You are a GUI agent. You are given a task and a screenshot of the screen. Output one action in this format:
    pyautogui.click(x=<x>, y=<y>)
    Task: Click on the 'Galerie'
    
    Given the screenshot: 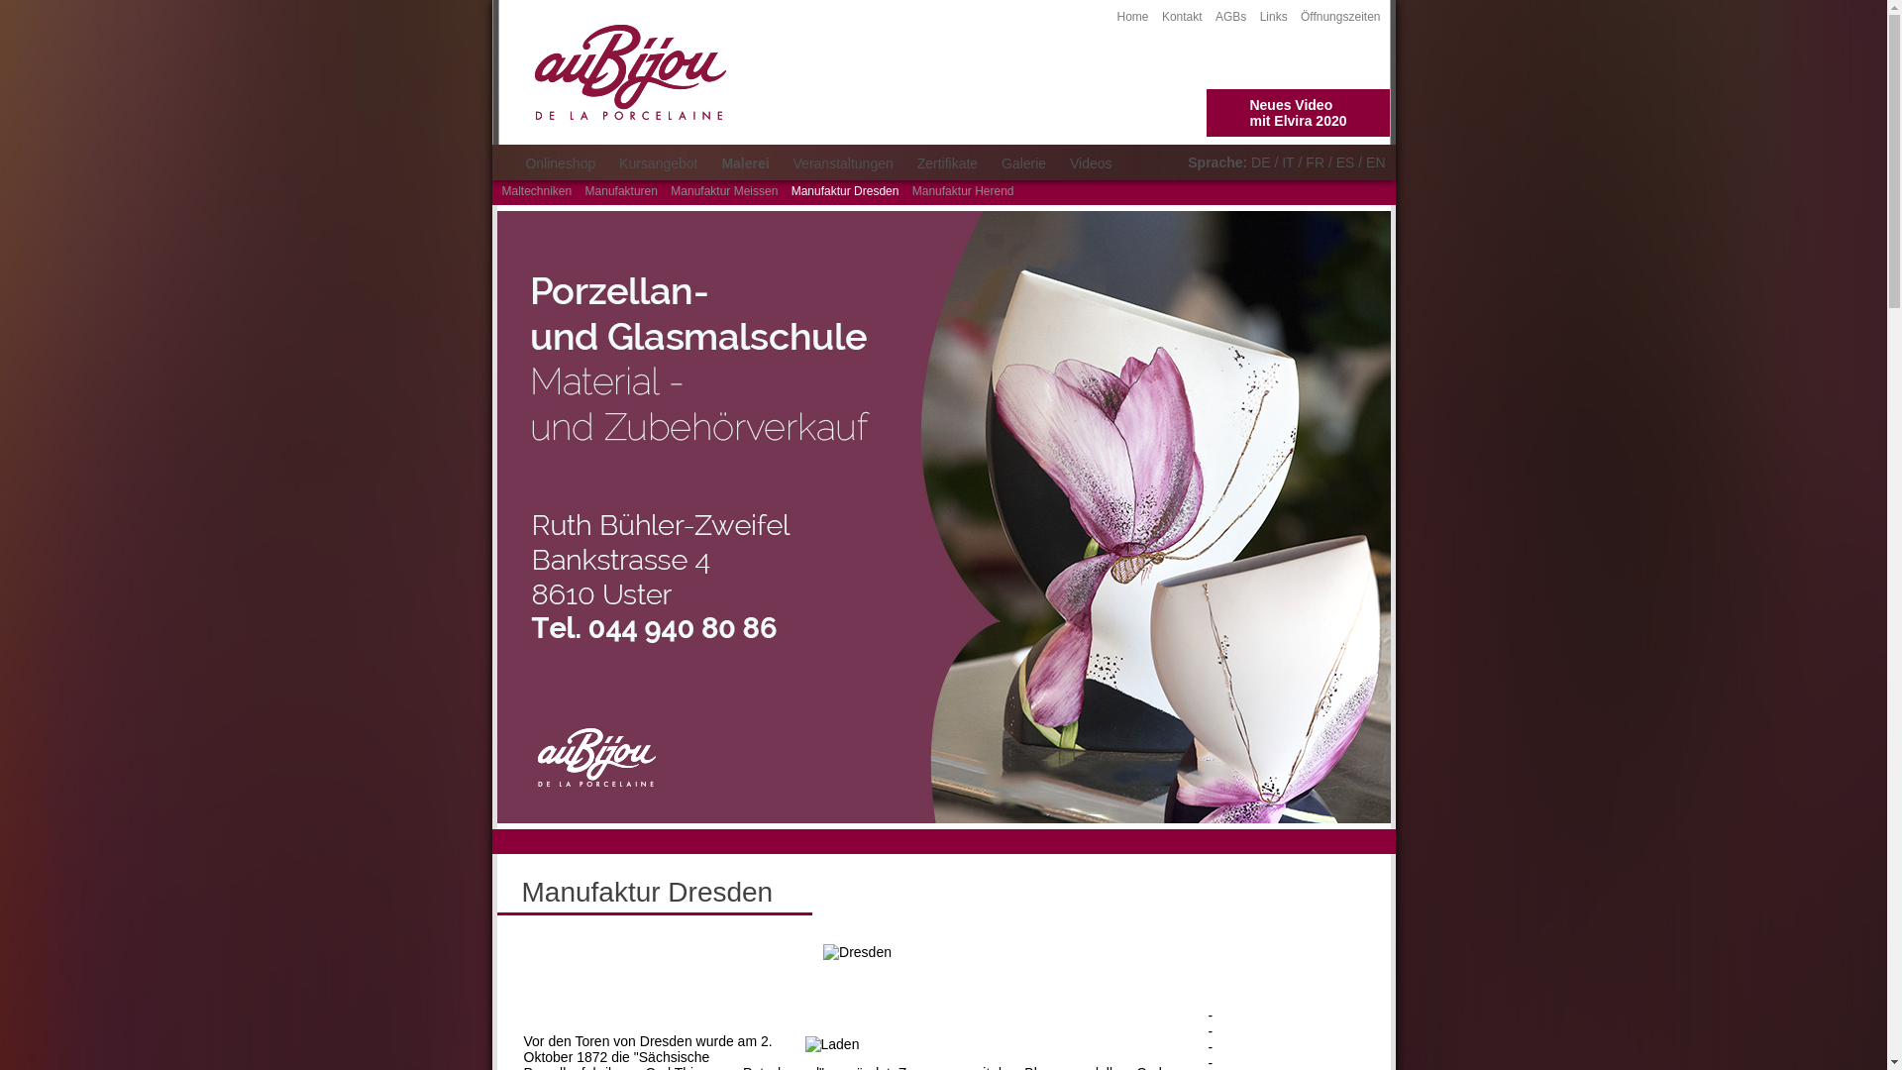 What is the action you would take?
    pyautogui.click(x=992, y=162)
    